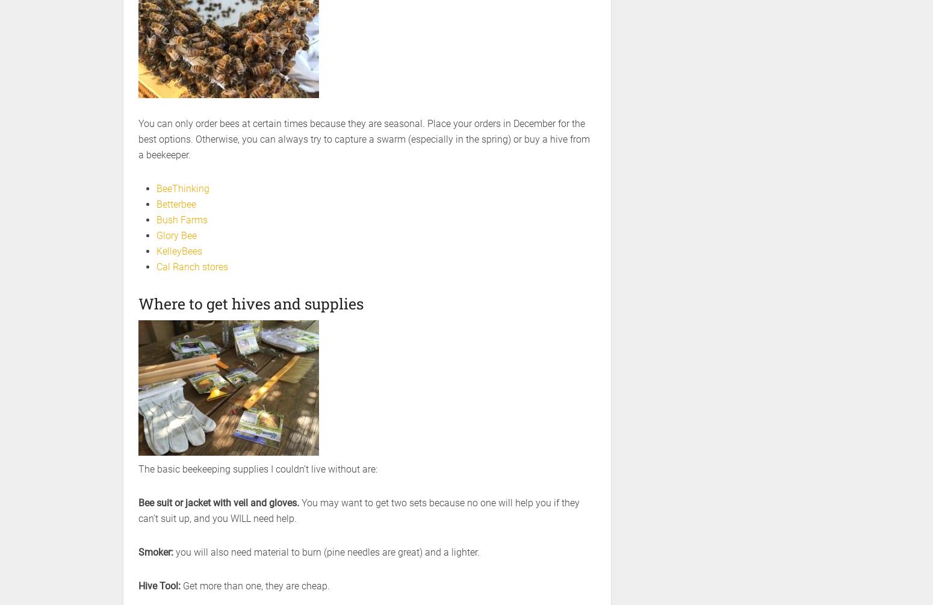 The image size is (933, 605). Describe the element at coordinates (179, 251) in the screenshot. I see `'KelleyBees'` at that location.